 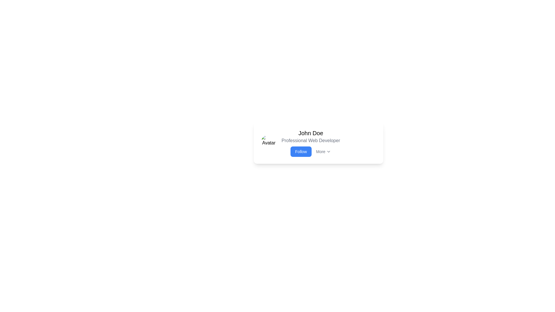 What do you see at coordinates (310, 140) in the screenshot?
I see `the static text 'Professional Web Developer' which is styled in gray and located under 'John Doe' within the profile card` at bounding box center [310, 140].